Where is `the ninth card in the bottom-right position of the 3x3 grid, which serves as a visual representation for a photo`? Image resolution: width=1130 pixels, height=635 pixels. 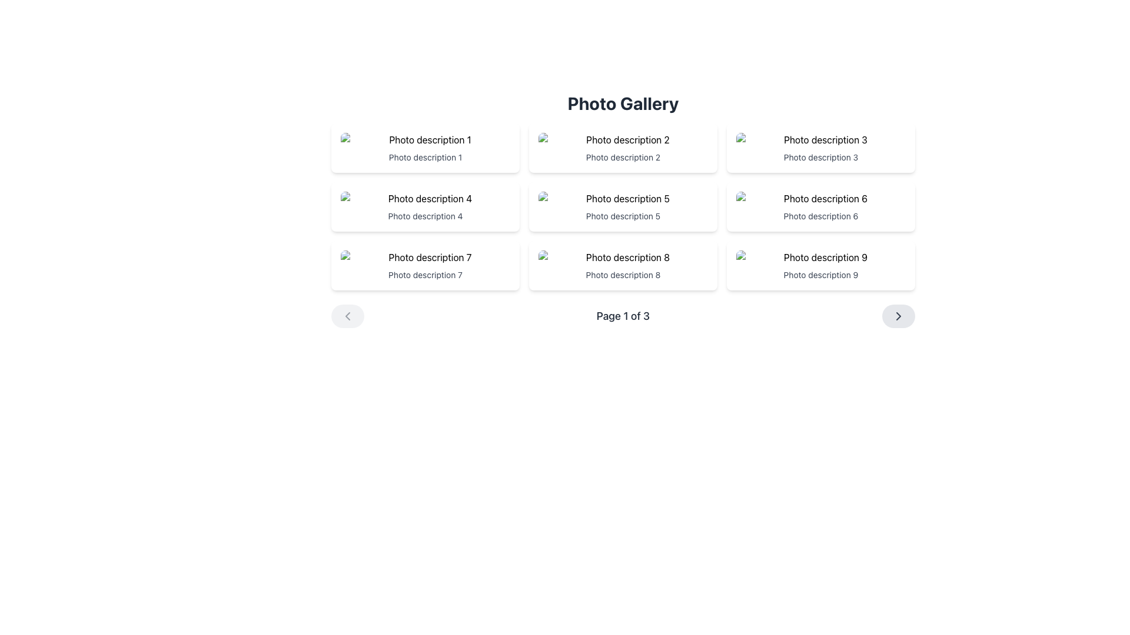
the ninth card in the bottom-right position of the 3x3 grid, which serves as a visual representation for a photo is located at coordinates (820, 265).